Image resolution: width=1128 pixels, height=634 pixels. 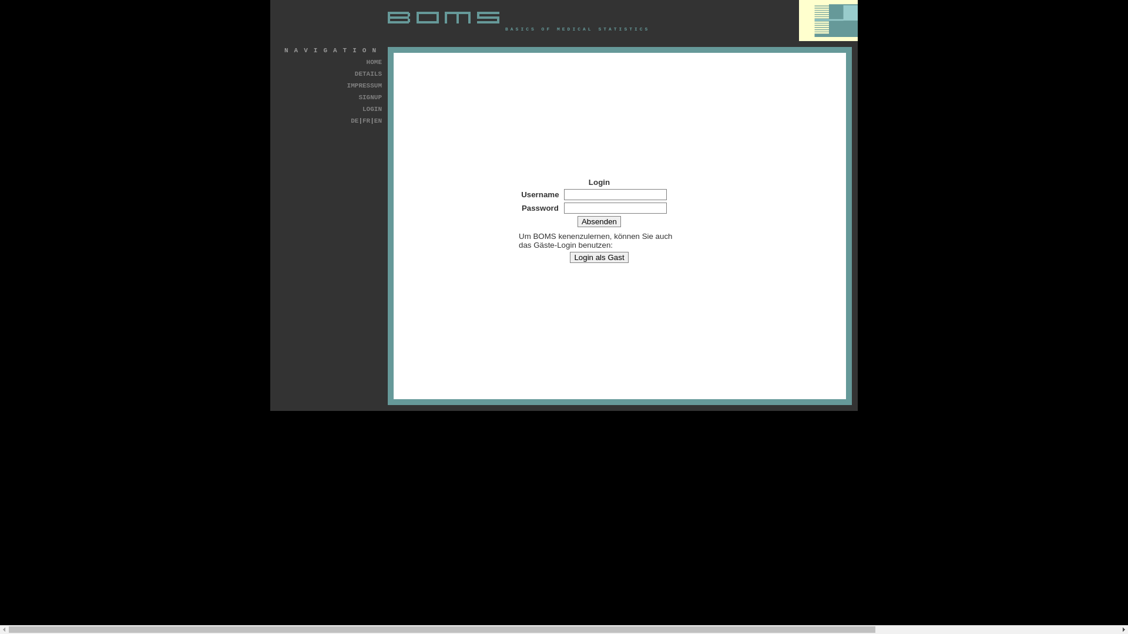 I want to click on 'DETAILS', so click(x=368, y=74).